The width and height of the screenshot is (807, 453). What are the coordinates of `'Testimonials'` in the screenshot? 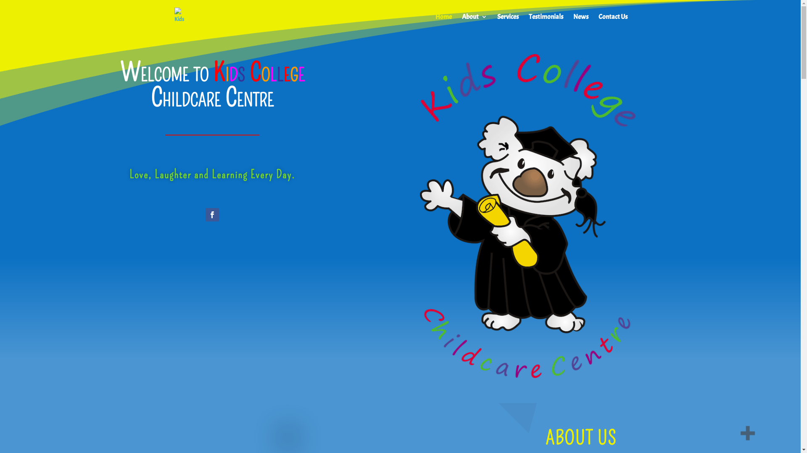 It's located at (546, 23).